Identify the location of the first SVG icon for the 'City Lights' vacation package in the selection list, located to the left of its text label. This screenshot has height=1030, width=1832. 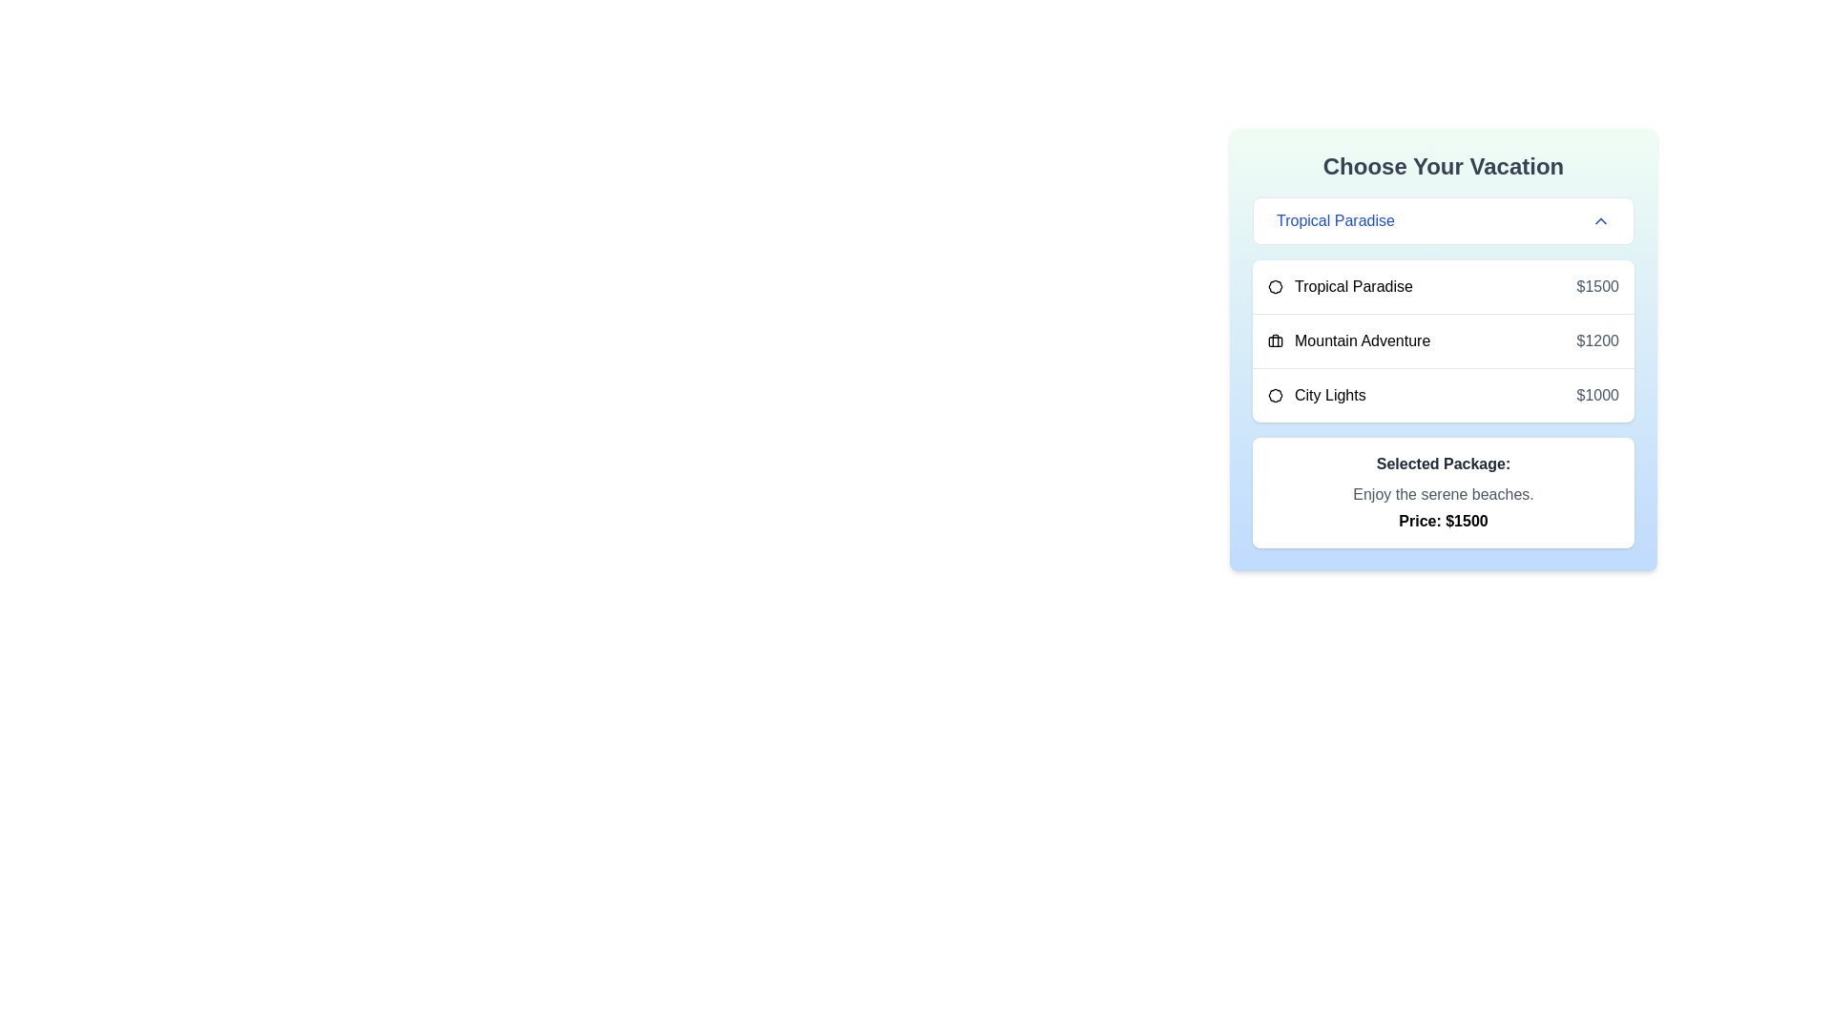
(1276, 395).